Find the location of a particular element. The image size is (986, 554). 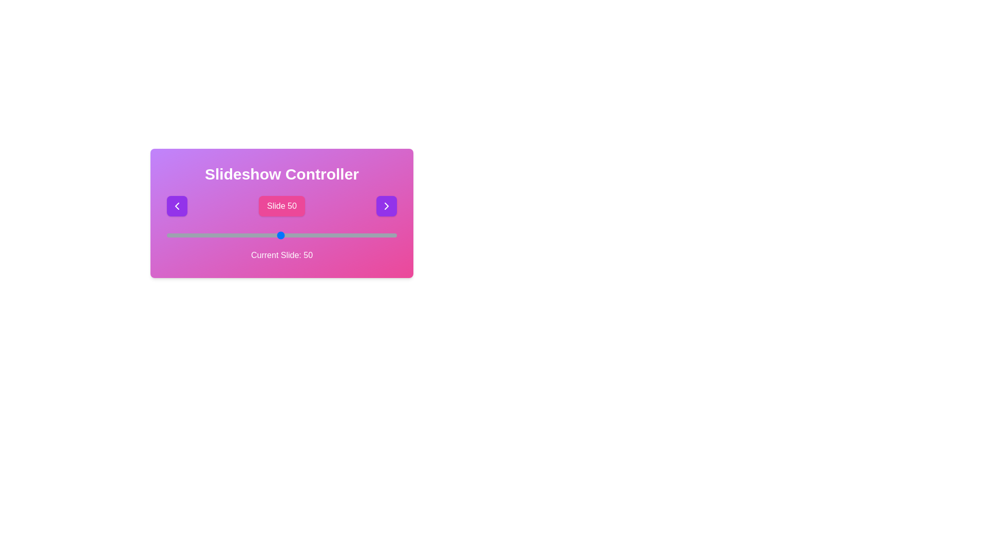

the right arrow button to navigate to the next slide is located at coordinates (386, 206).